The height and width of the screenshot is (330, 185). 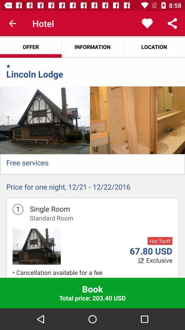 What do you see at coordinates (159, 260) in the screenshot?
I see `the icon below 67.80 usd item` at bounding box center [159, 260].